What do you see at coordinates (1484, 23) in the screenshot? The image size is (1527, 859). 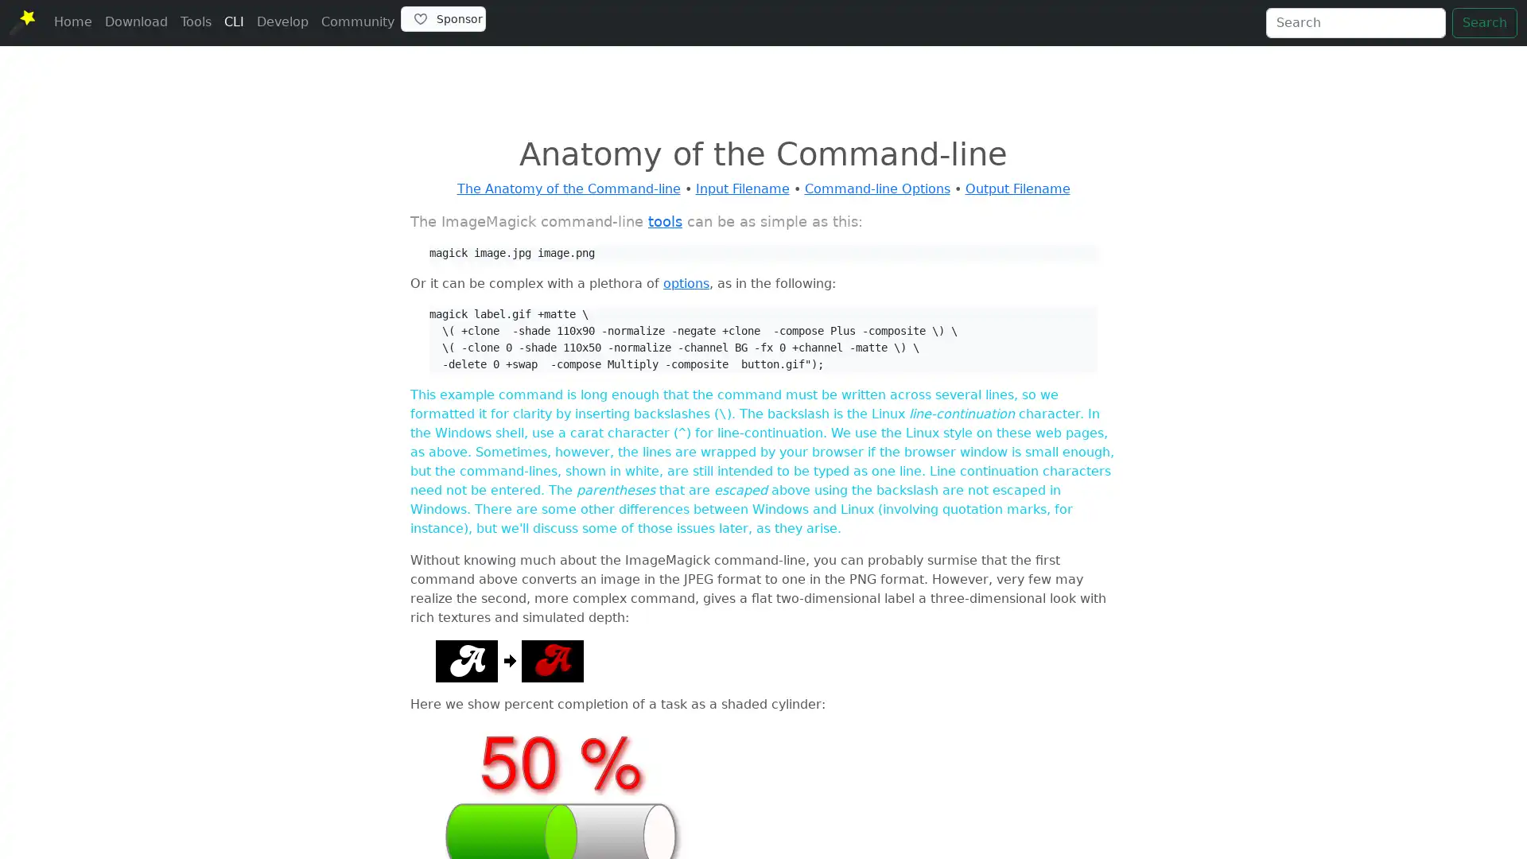 I see `Search` at bounding box center [1484, 23].